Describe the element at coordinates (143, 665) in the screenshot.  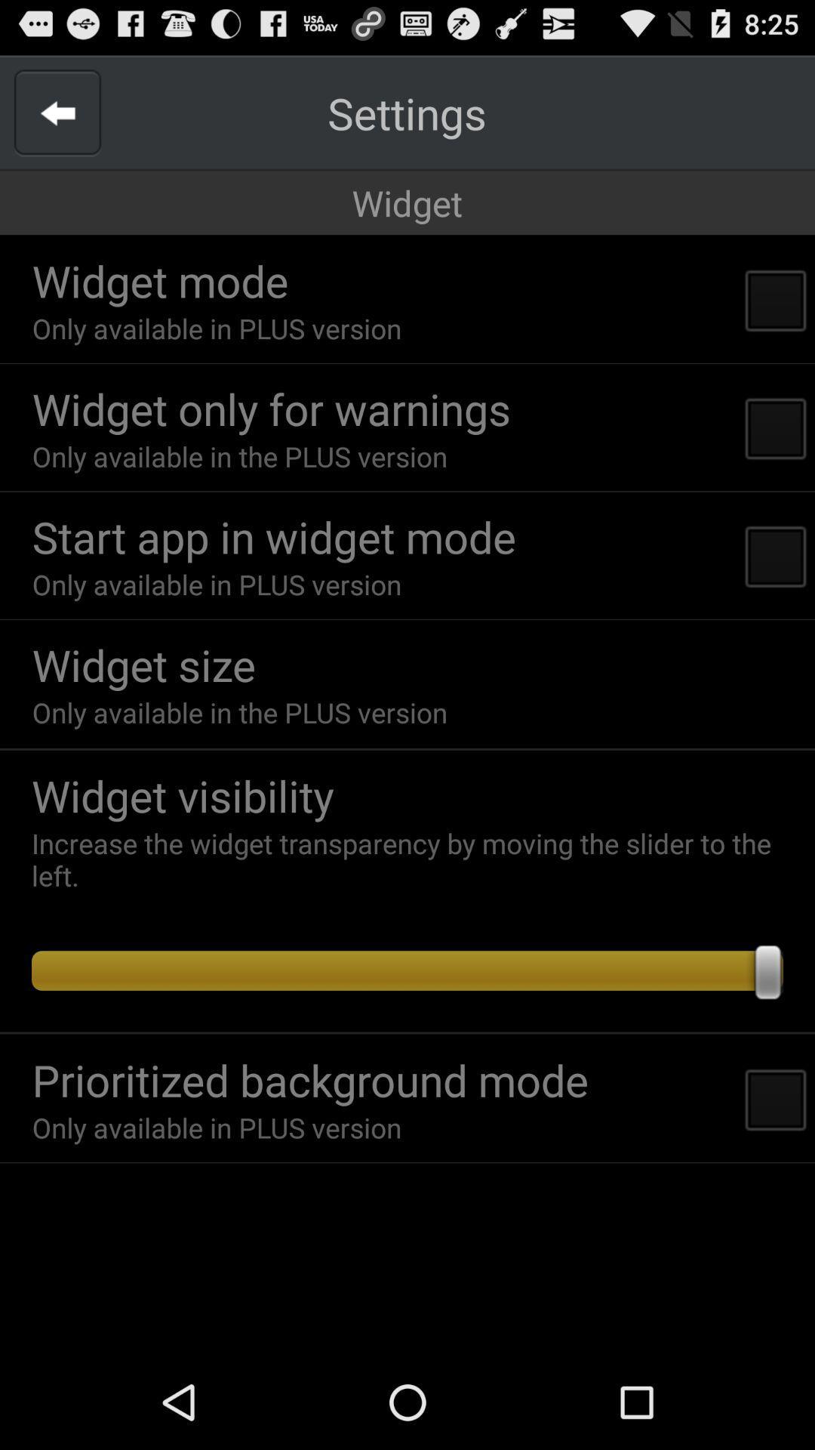
I see `item below the only available in app` at that location.